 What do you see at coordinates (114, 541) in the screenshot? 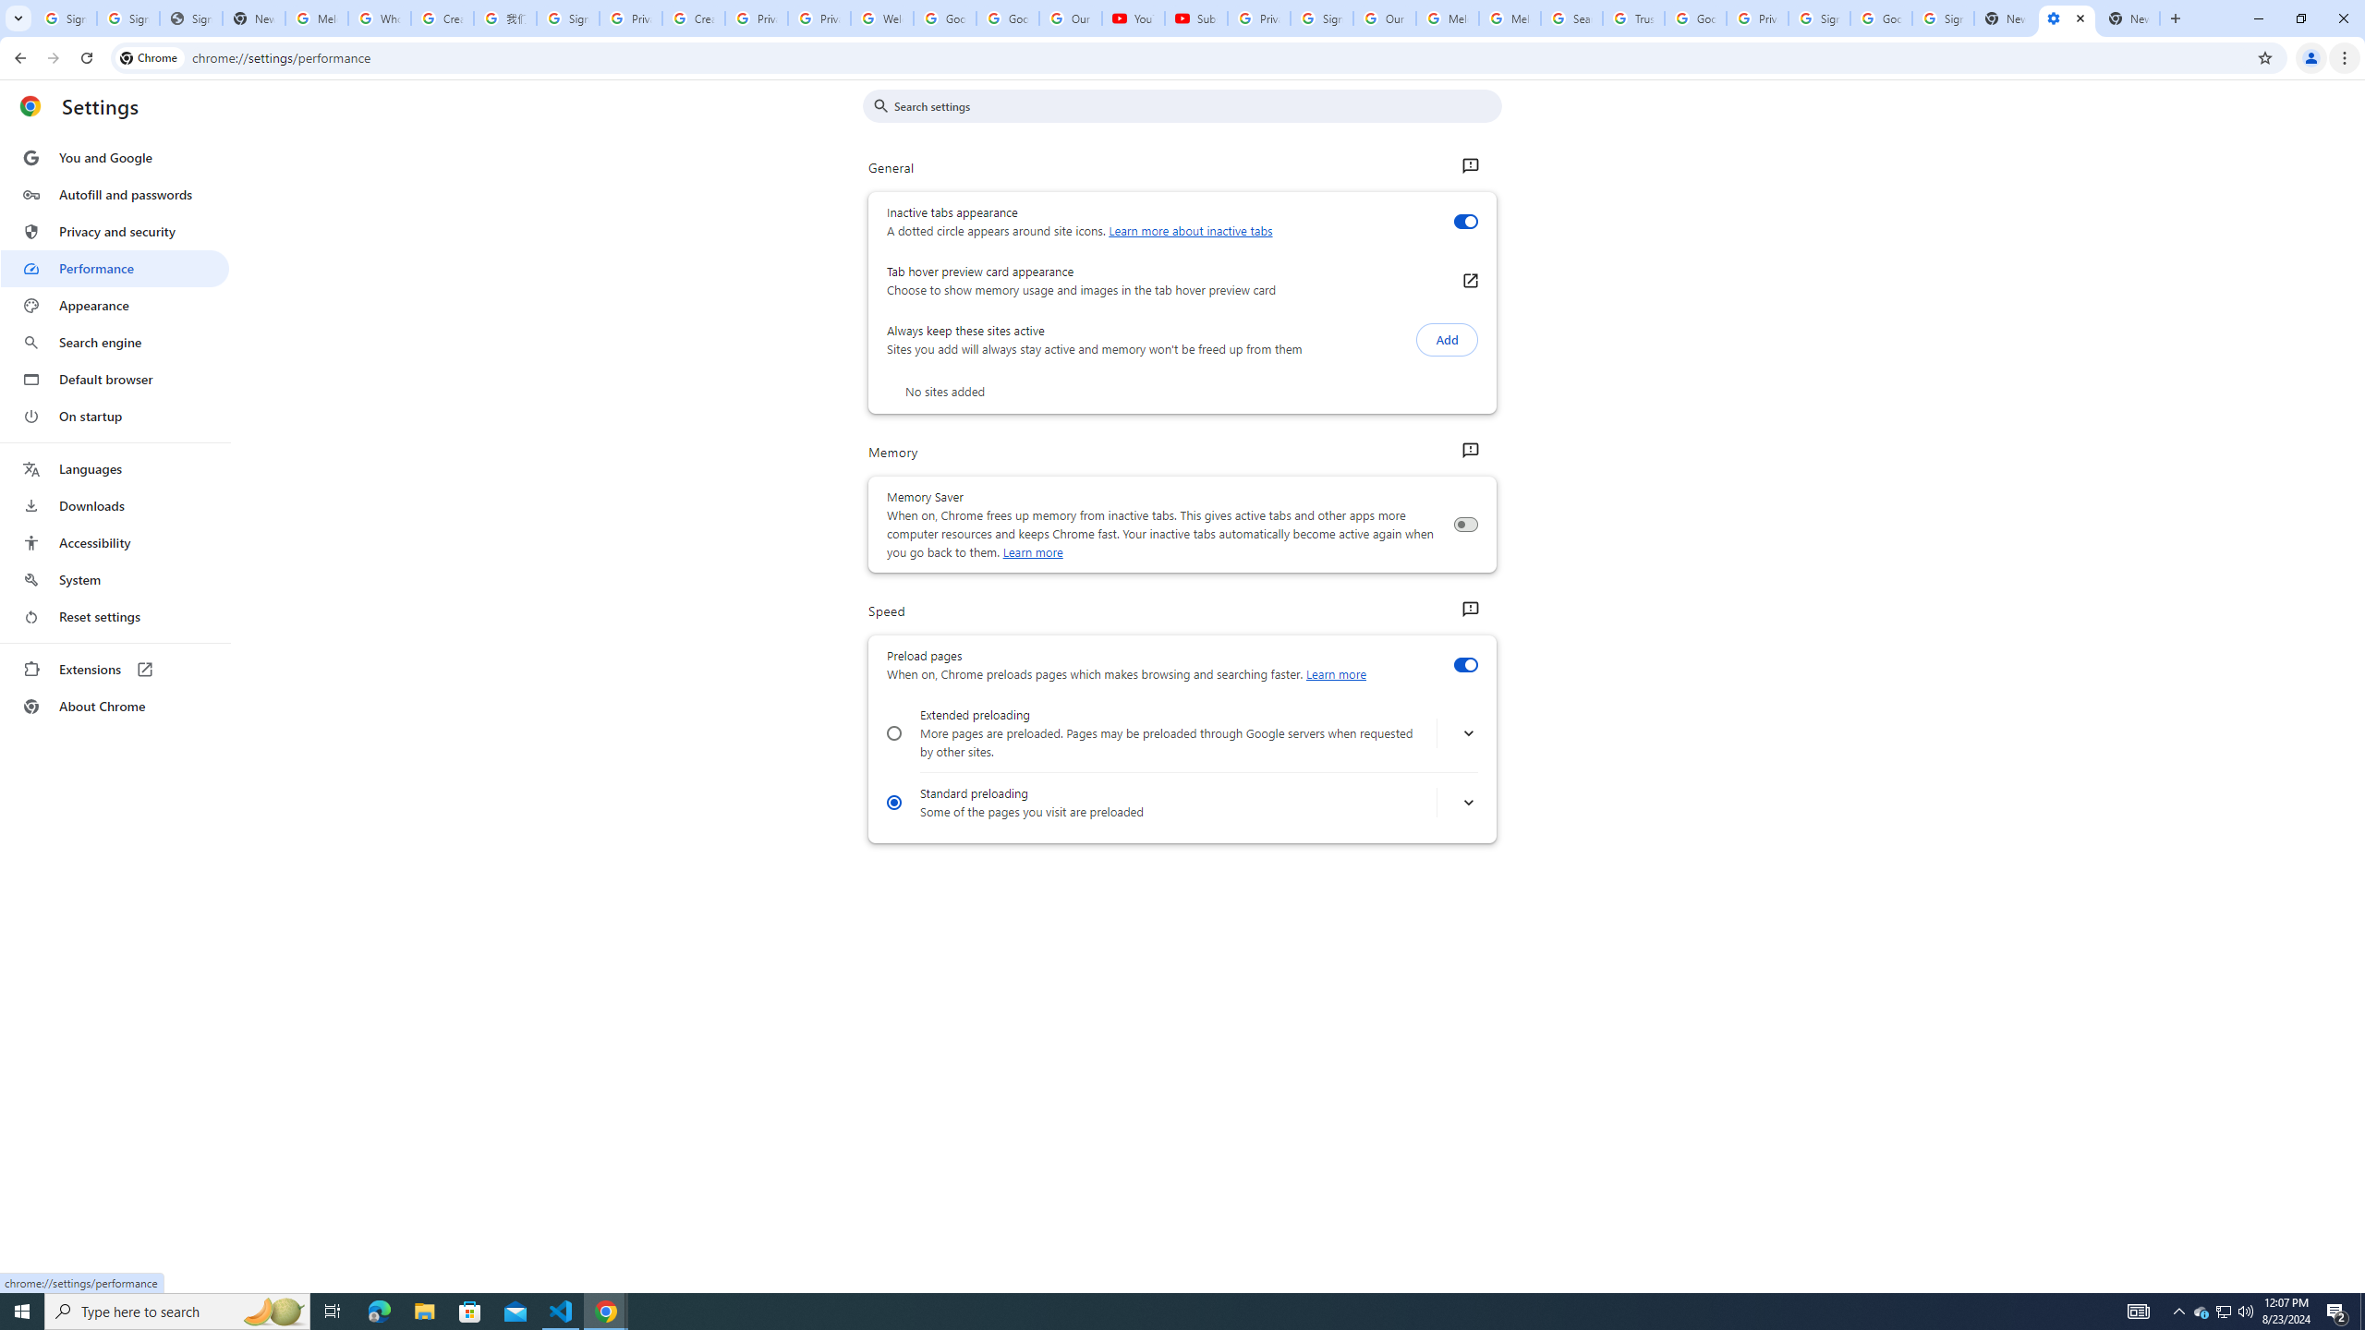
I see `'Accessibility'` at bounding box center [114, 541].